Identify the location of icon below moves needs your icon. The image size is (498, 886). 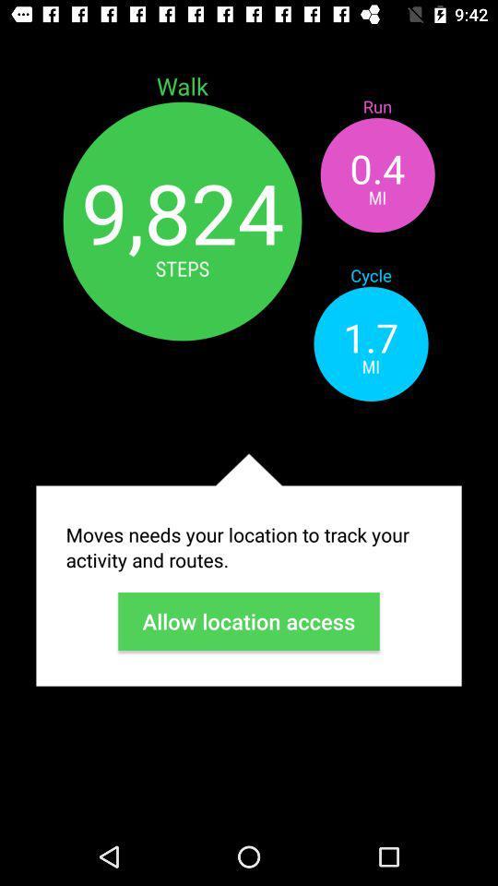
(249, 621).